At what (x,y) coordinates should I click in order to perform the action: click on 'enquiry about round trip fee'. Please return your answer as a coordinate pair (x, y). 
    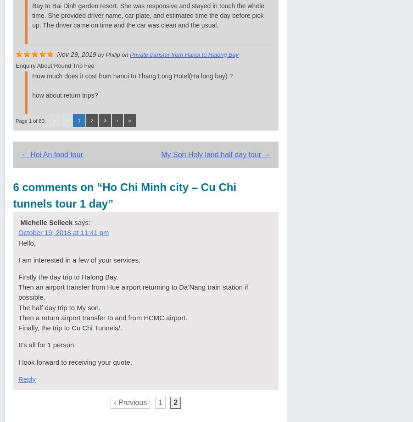
    Looking at the image, I should click on (55, 65).